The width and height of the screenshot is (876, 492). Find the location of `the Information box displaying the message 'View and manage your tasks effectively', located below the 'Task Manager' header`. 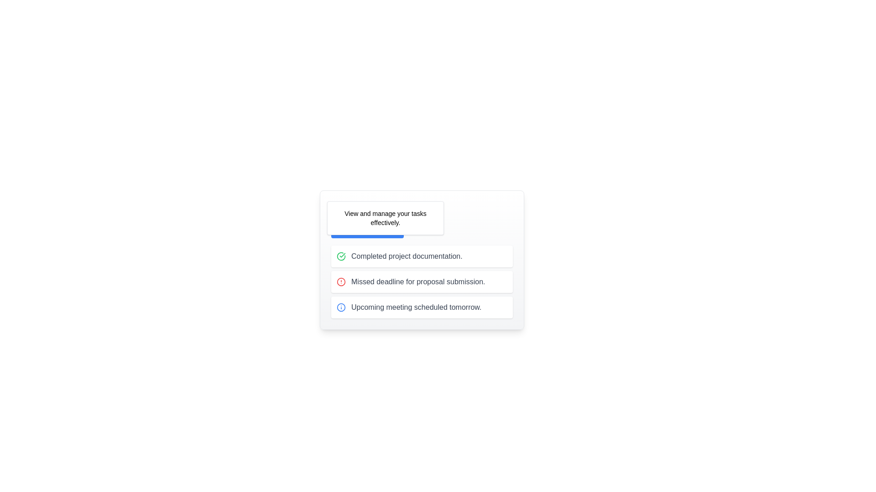

the Information box displaying the message 'View and manage your tasks effectively', located below the 'Task Manager' header is located at coordinates (385, 218).